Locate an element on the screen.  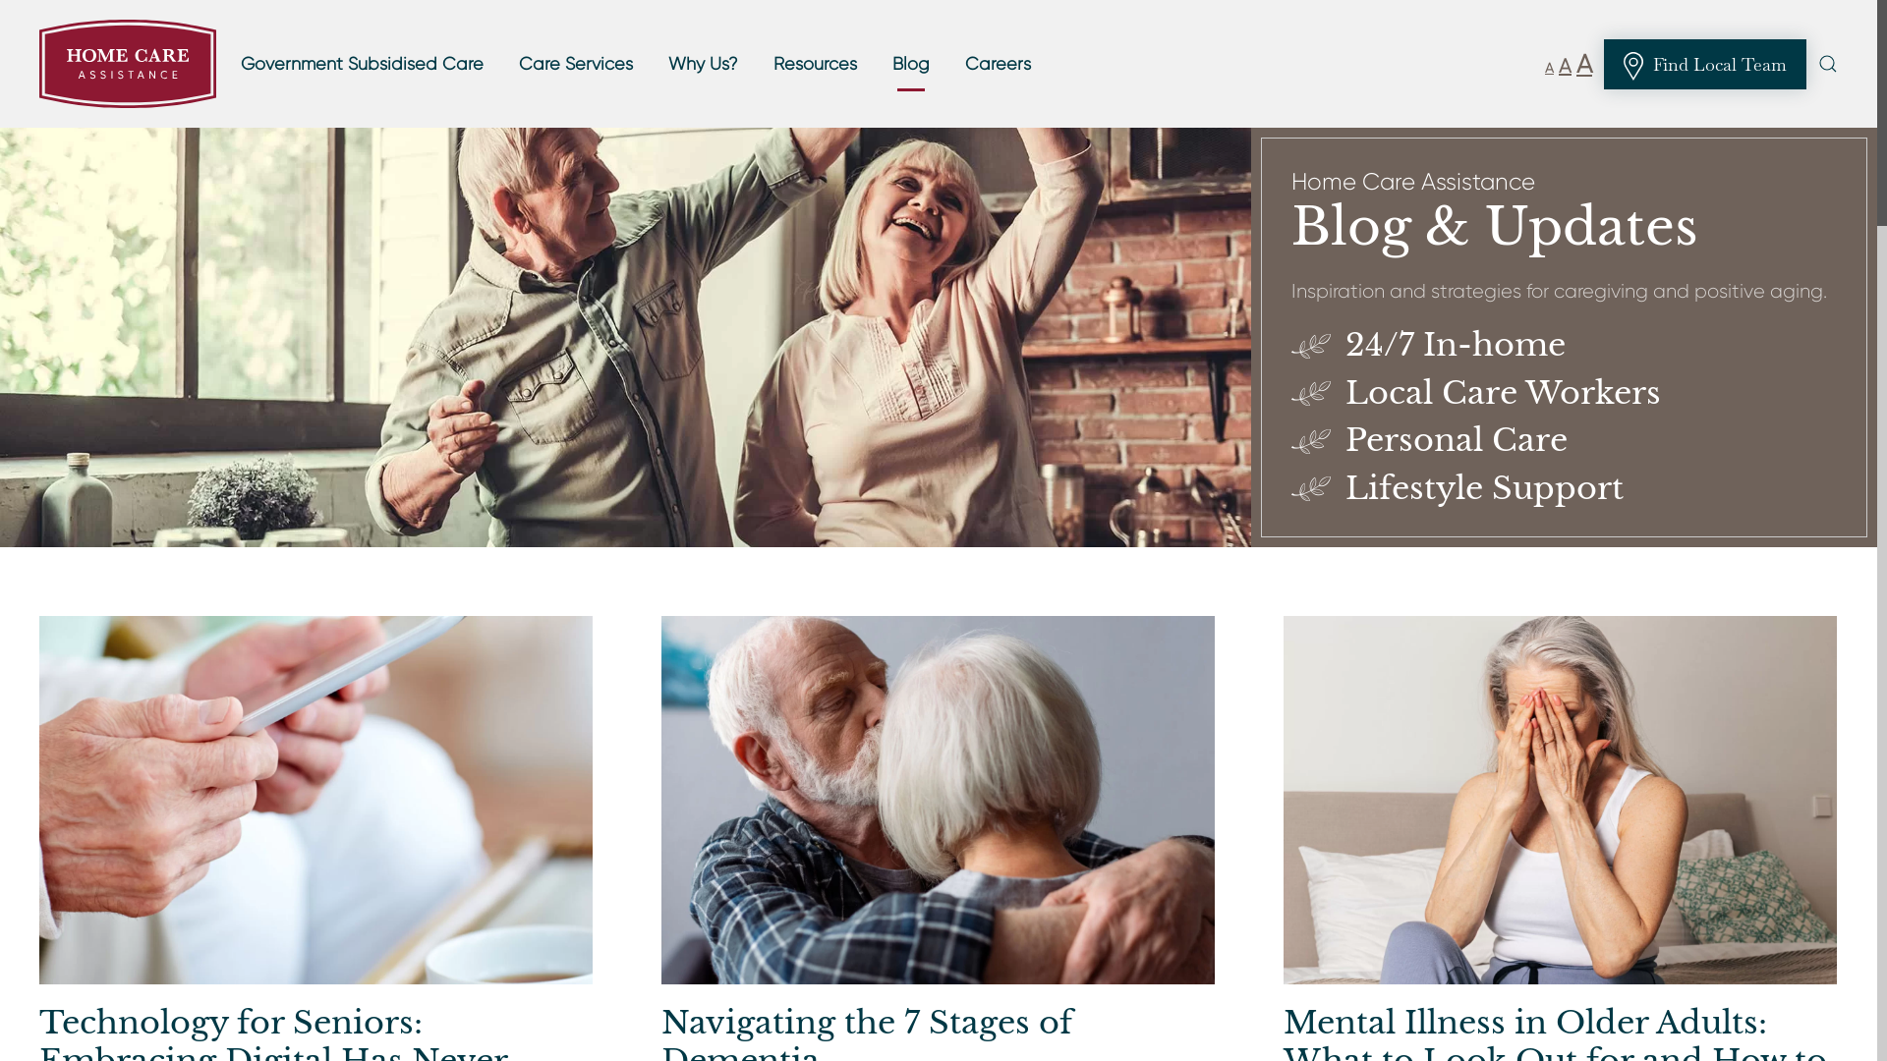
'Government Subsidised Care' is located at coordinates (227, 63).